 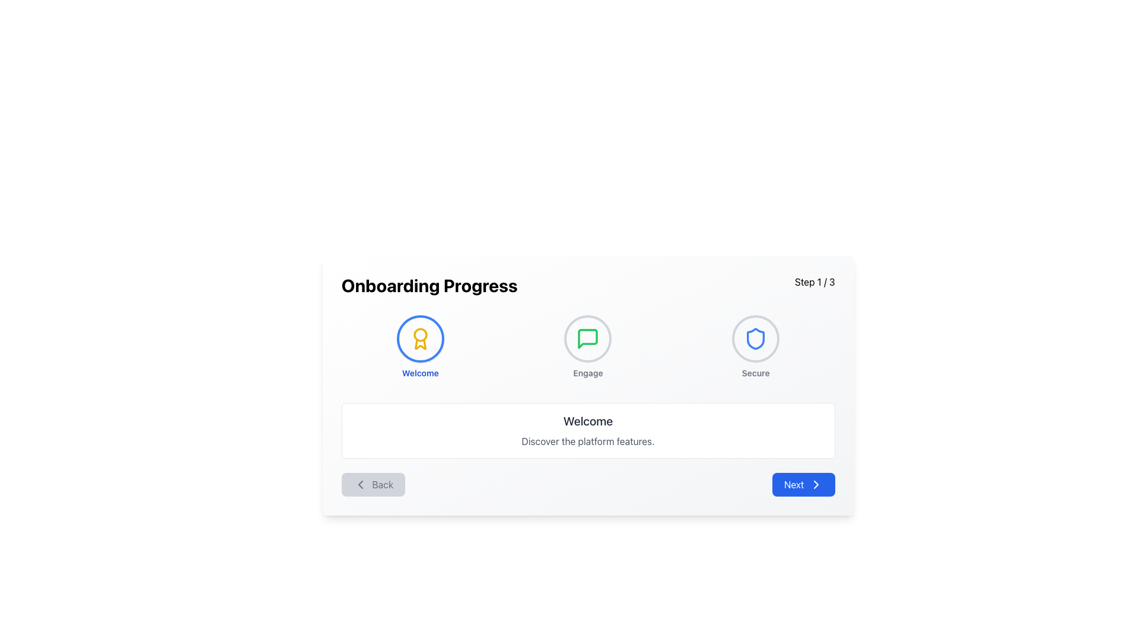 I want to click on the shield icon representing the 'Secure' stage in the user onboarding process, located above the 'Secure' label, so click(x=755, y=338).